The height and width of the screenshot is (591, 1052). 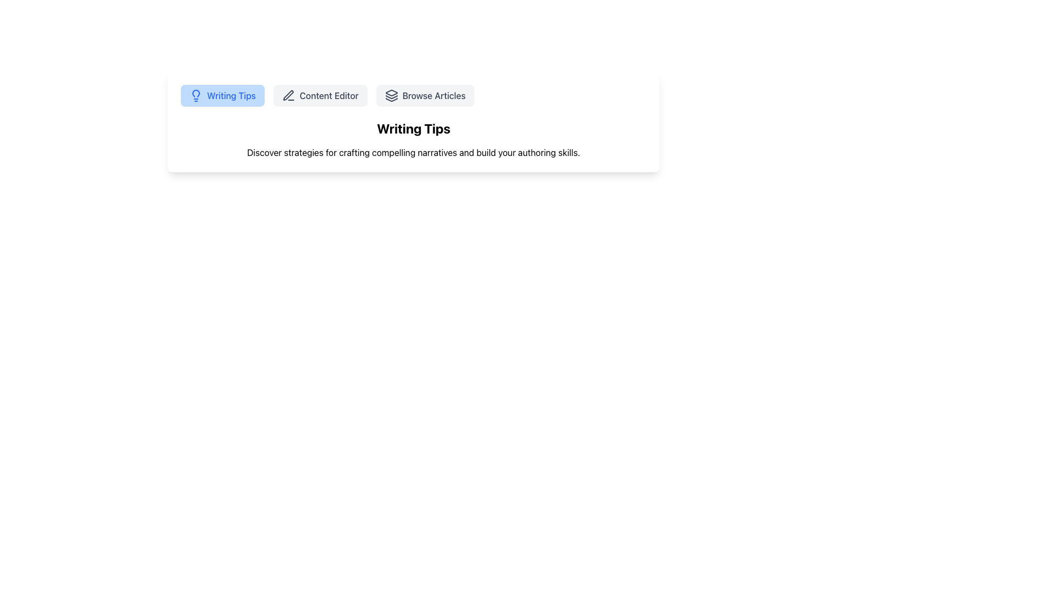 What do you see at coordinates (222, 95) in the screenshot?
I see `the first button in the row of three buttons that navigates to writing tips` at bounding box center [222, 95].